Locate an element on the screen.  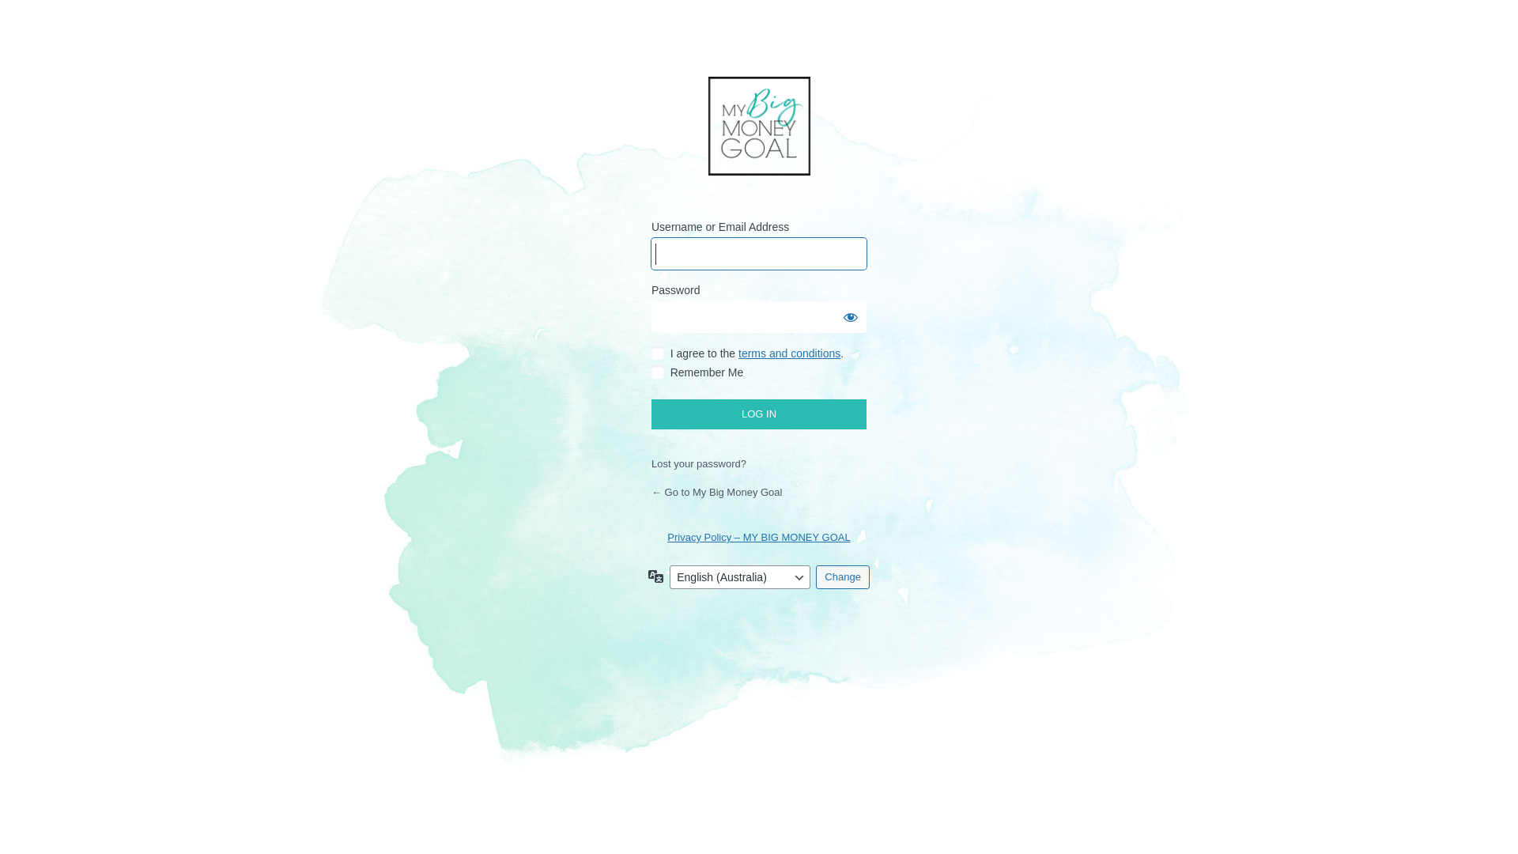
'terms and conditions' is located at coordinates (789, 353).